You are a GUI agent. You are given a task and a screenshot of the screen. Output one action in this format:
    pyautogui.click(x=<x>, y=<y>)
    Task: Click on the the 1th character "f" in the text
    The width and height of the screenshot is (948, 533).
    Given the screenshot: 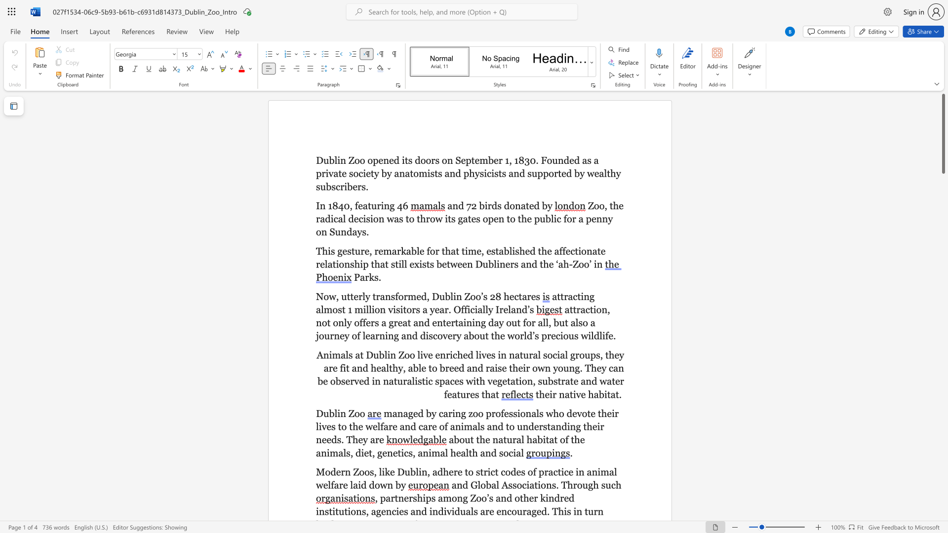 What is the action you would take?
    pyautogui.click(x=355, y=205)
    